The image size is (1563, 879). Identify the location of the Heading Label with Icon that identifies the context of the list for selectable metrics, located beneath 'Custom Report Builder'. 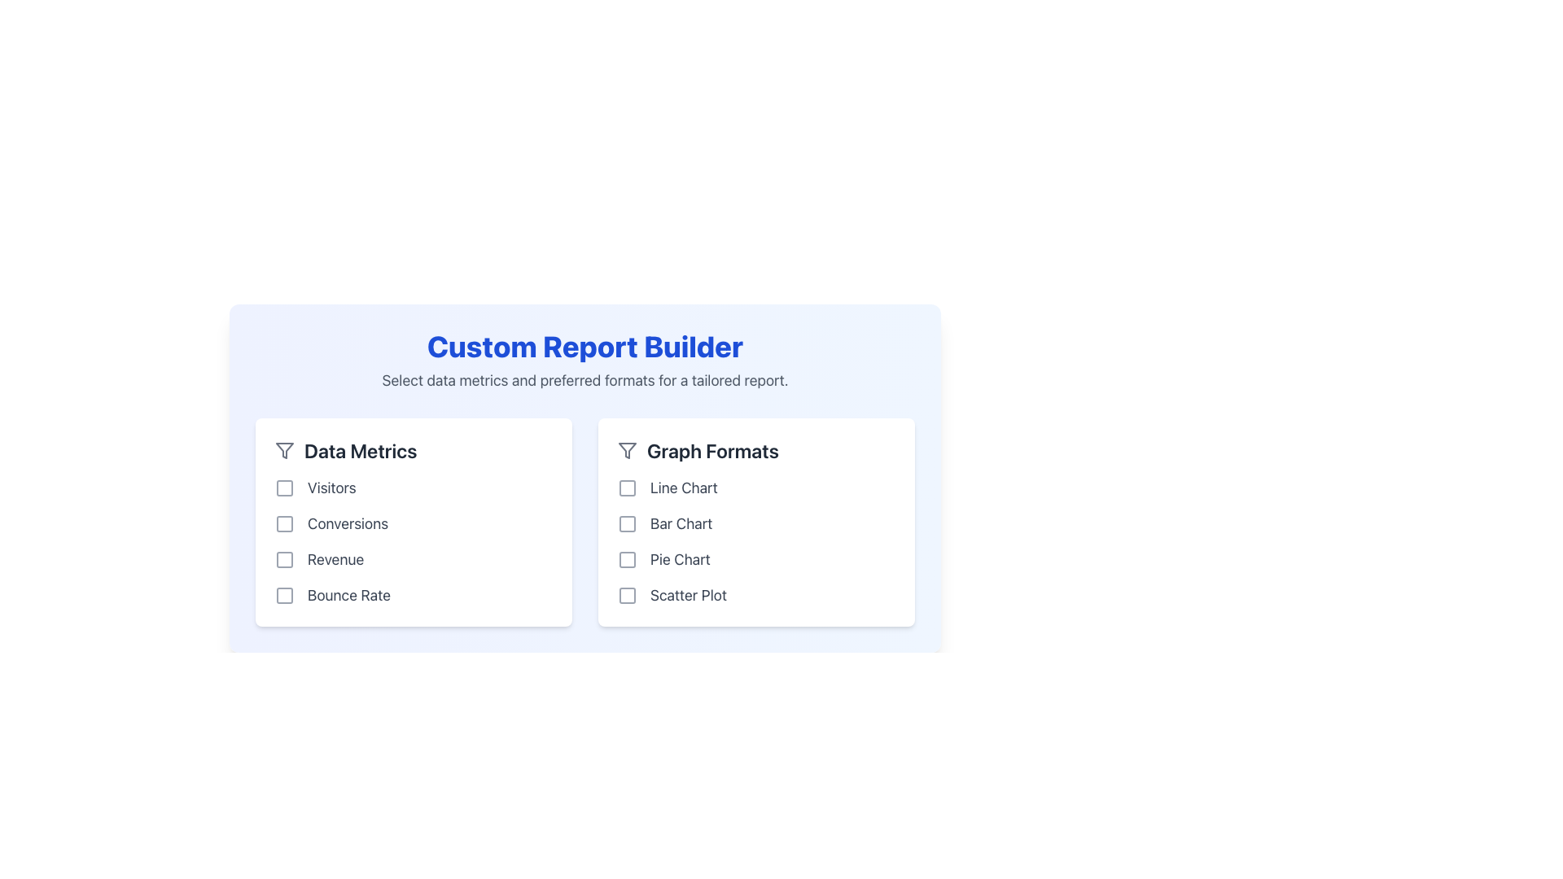
(414, 451).